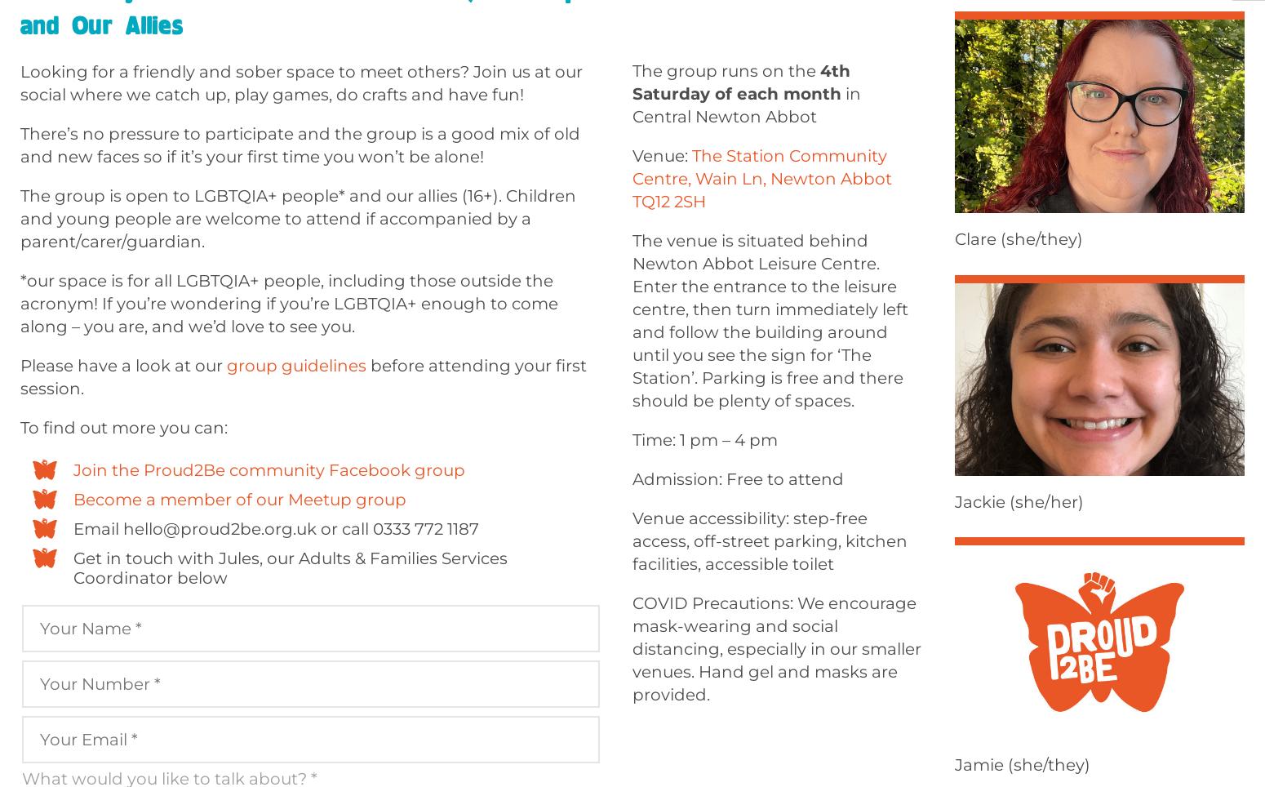  I want to click on 'before attending your first session.', so click(303, 377).